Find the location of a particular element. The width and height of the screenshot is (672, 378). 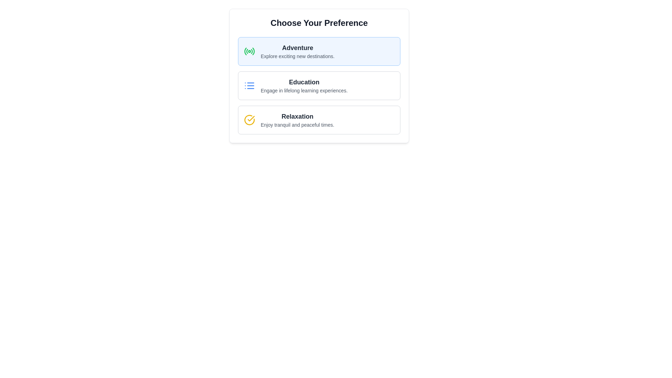

the multi-line text display containing 'Adventure' and 'Explore exciting new destinations' is located at coordinates (297, 51).